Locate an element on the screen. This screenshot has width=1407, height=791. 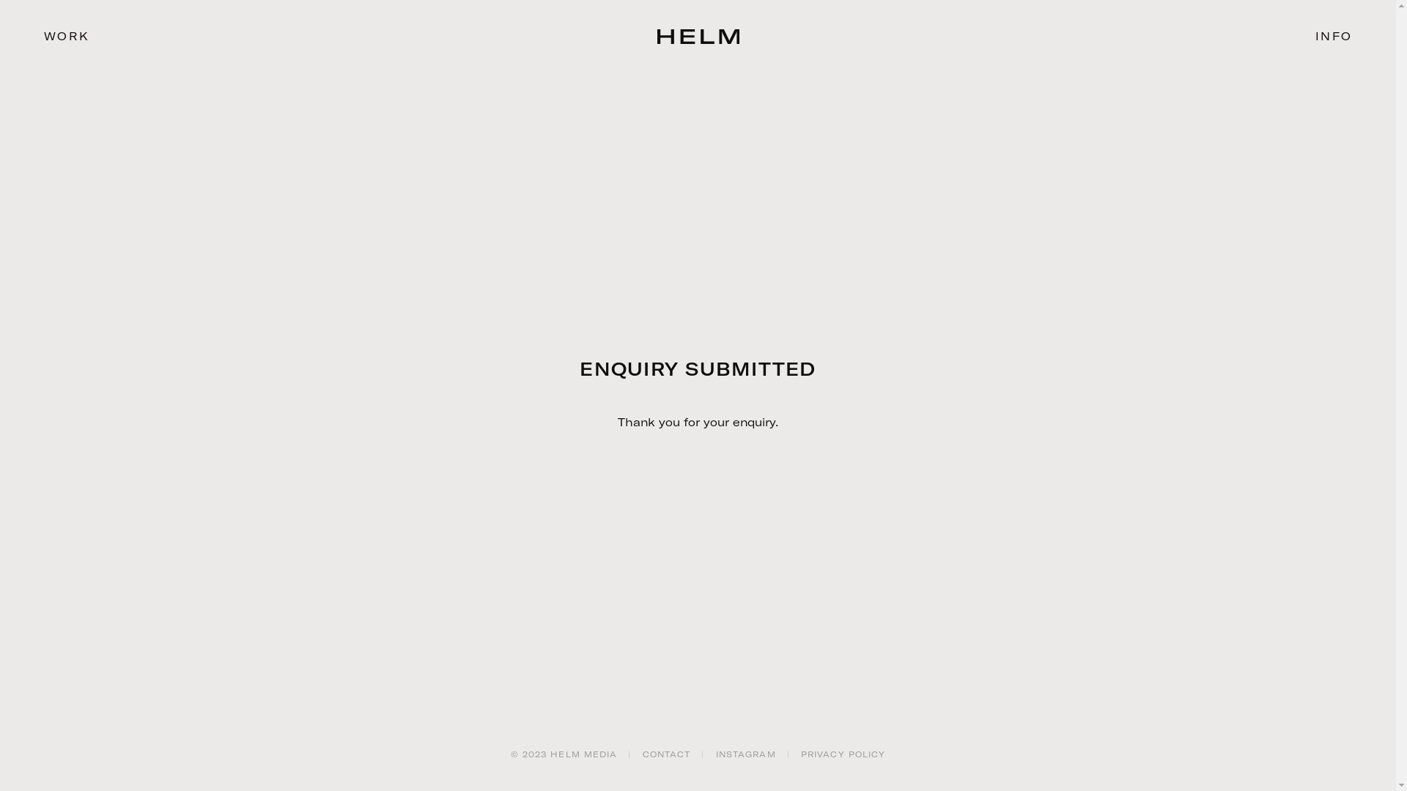
'PRIVACY POLICY' is located at coordinates (843, 754).